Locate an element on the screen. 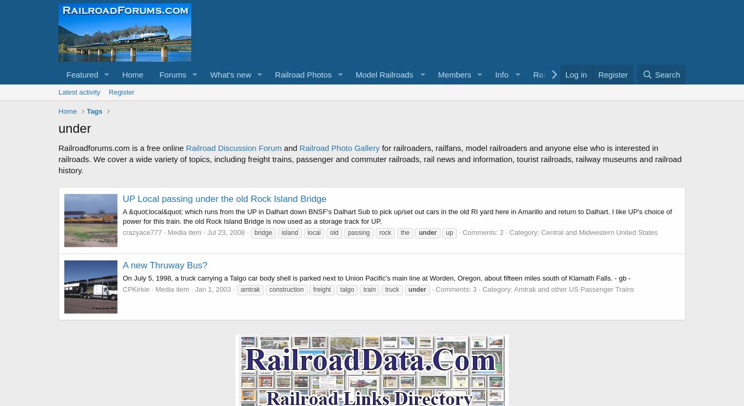 Image resolution: width=744 pixels, height=406 pixels. 'Featured' is located at coordinates (82, 74).